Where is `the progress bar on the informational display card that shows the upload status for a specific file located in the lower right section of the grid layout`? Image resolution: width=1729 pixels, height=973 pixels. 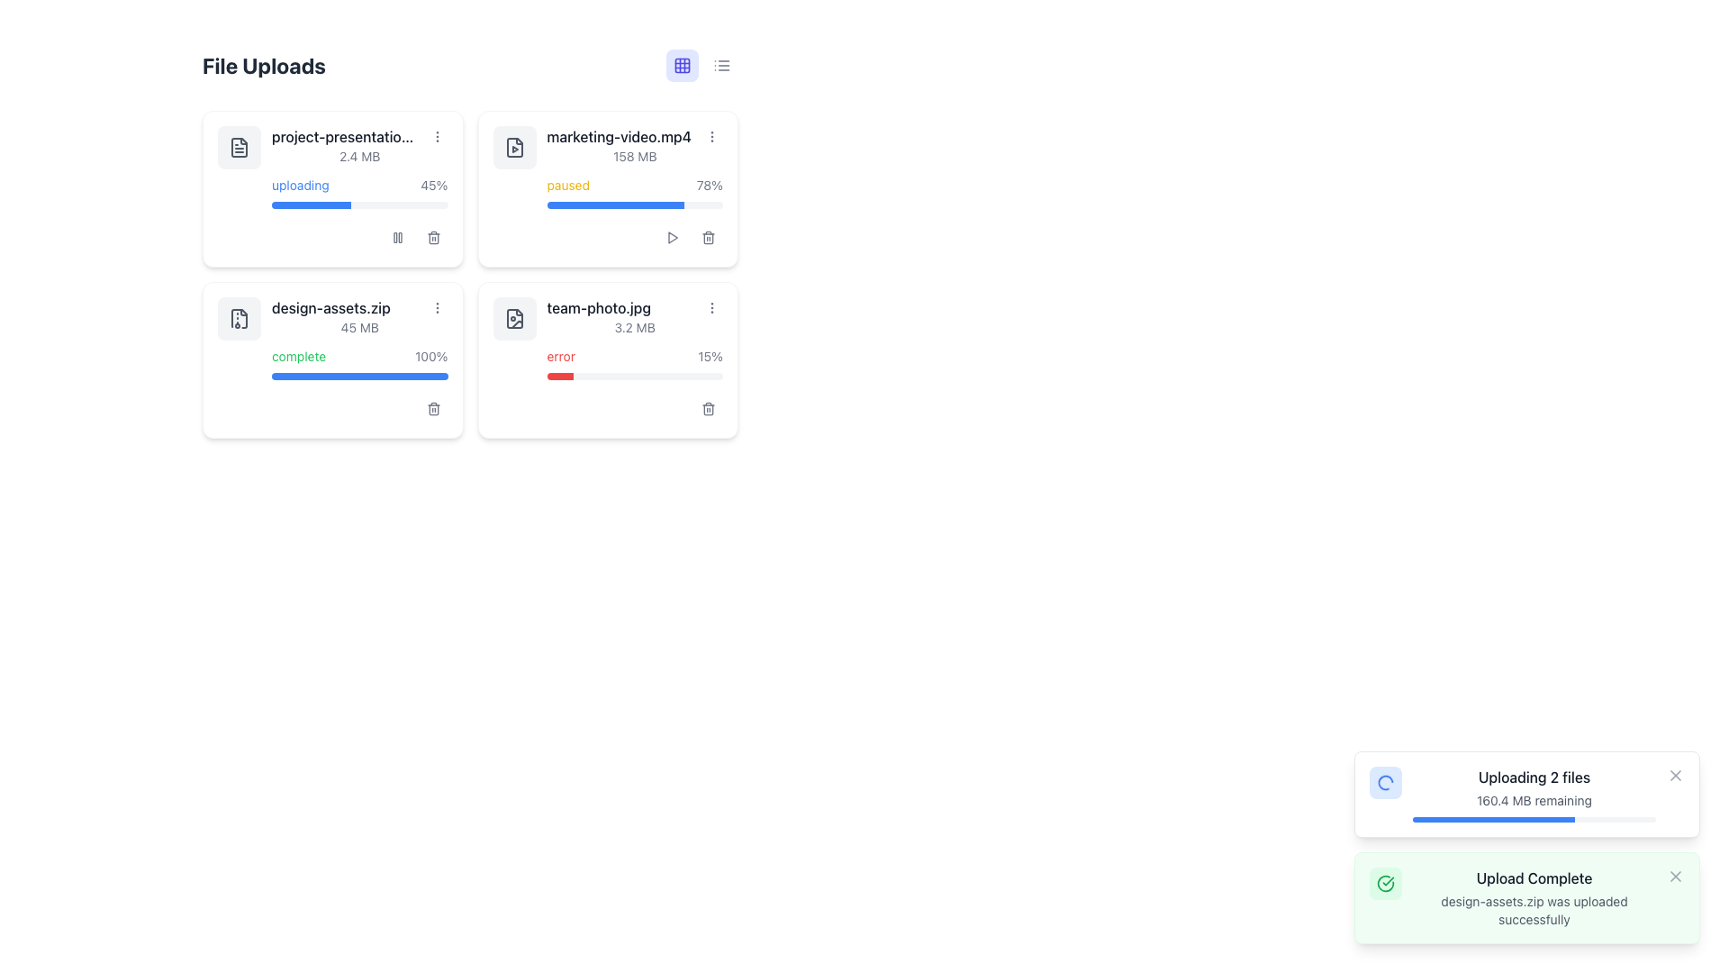
the progress bar on the informational display card that shows the upload status for a specific file located in the lower right section of the grid layout is located at coordinates (635, 338).